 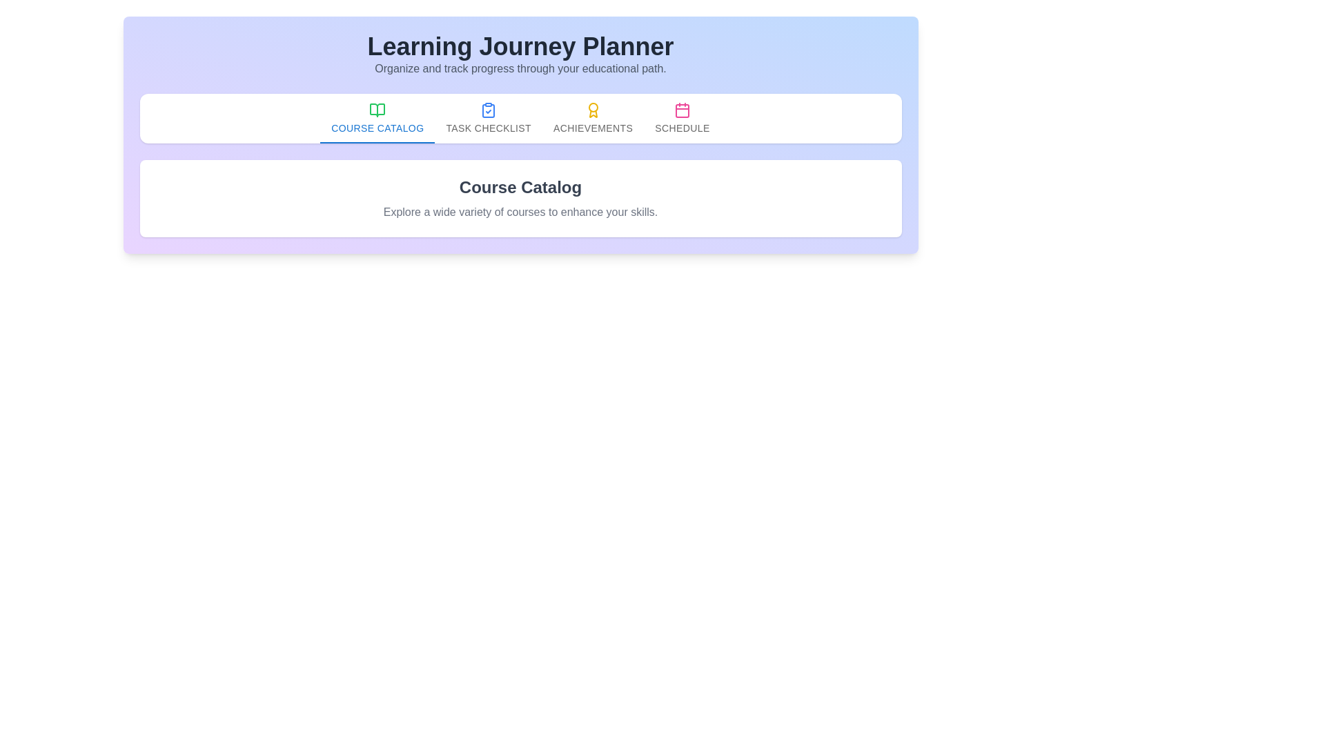 What do you see at coordinates (682, 118) in the screenshot?
I see `the 'SCHEDULE' tab navigation button, which is the fourth tab in the navigation bar that contains an icon of a pink calendar above the text` at bounding box center [682, 118].